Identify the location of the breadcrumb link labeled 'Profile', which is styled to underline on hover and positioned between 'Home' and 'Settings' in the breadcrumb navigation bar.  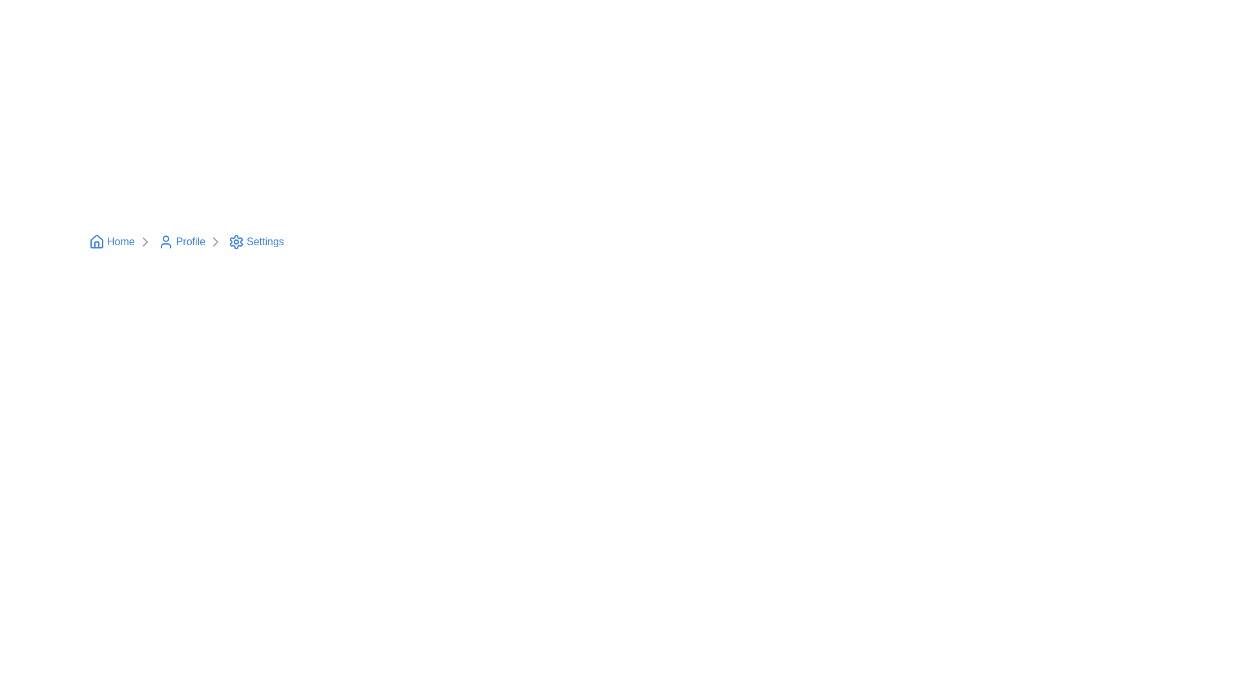
(190, 241).